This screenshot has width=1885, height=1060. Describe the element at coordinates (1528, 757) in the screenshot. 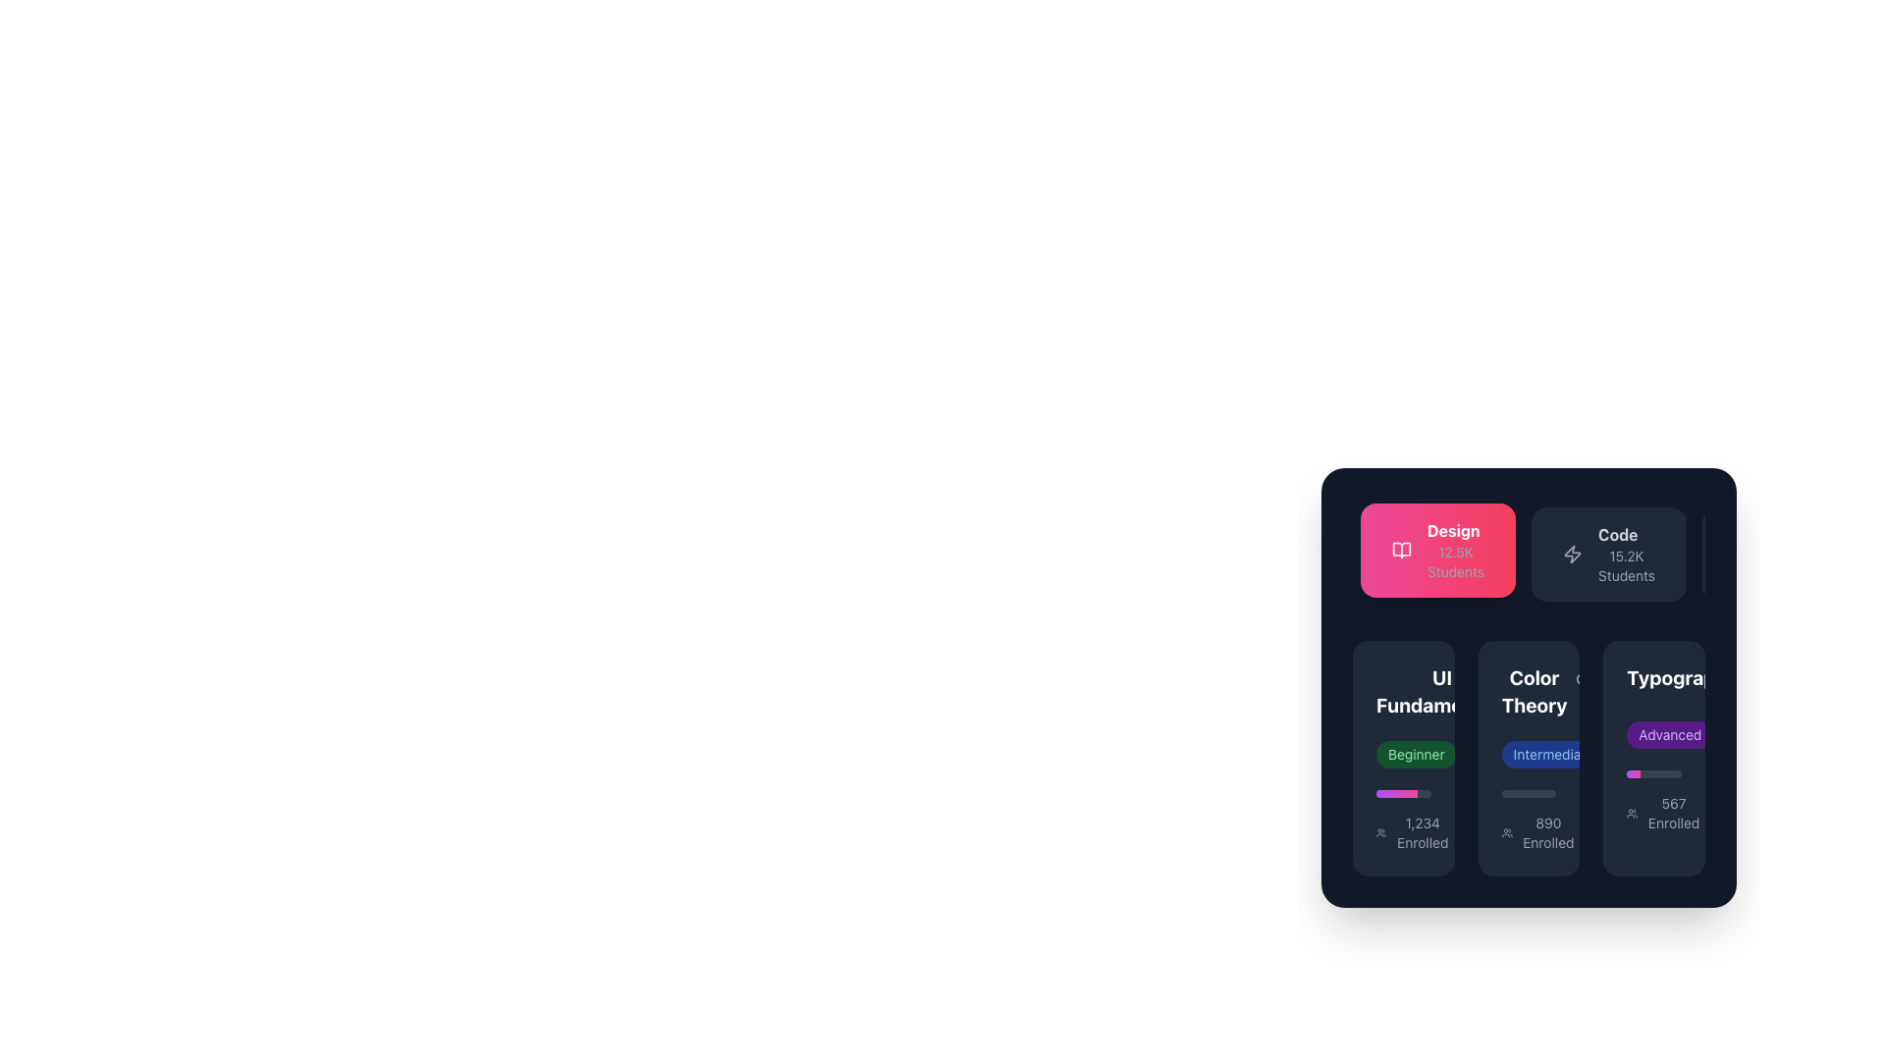

I see `the 'Color Theory' course card, which is the second card in a horizontal layout between 'UI Fundamentals' and 'Typography'` at that location.